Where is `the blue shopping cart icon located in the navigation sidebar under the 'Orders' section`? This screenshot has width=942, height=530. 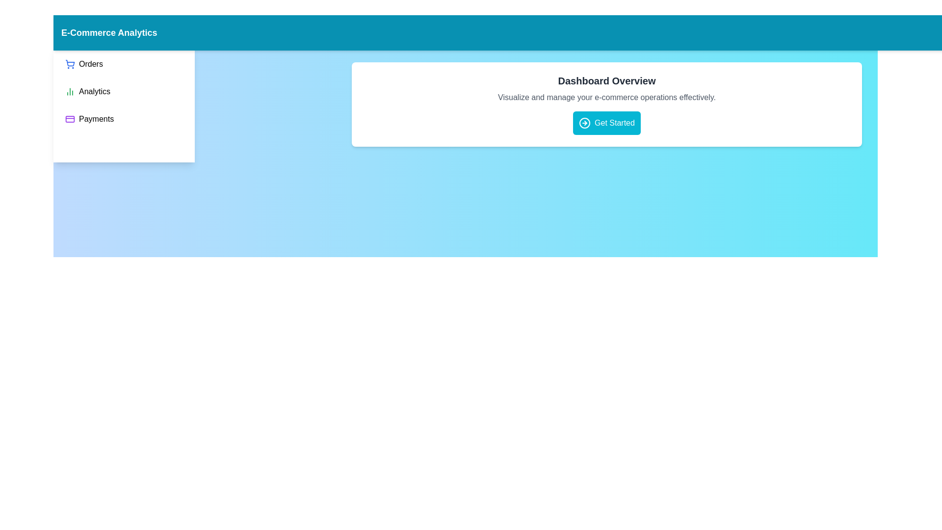
the blue shopping cart icon located in the navigation sidebar under the 'Orders' section is located at coordinates (70, 63).